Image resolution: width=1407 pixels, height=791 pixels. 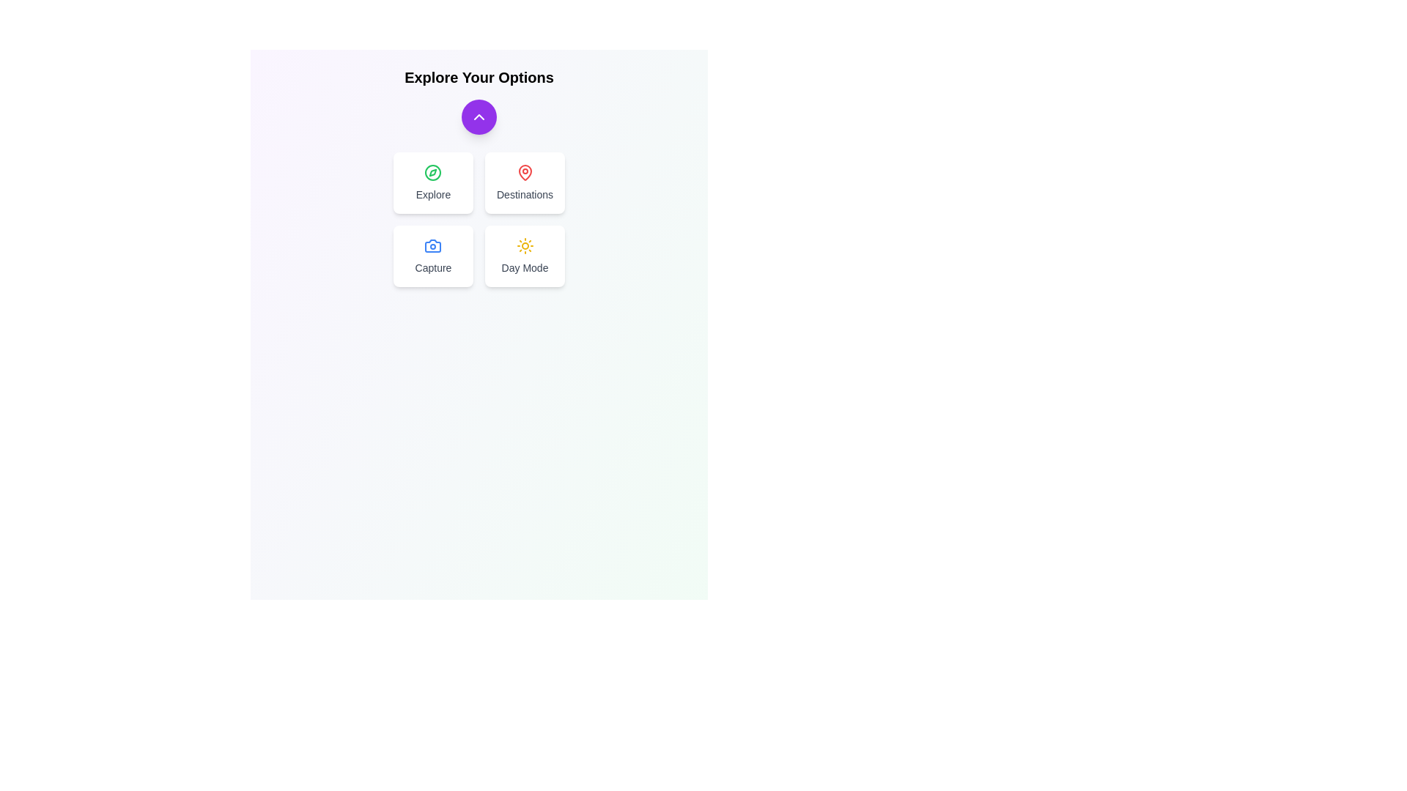 I want to click on the toggle button to change the visibility of the options, so click(x=479, y=116).